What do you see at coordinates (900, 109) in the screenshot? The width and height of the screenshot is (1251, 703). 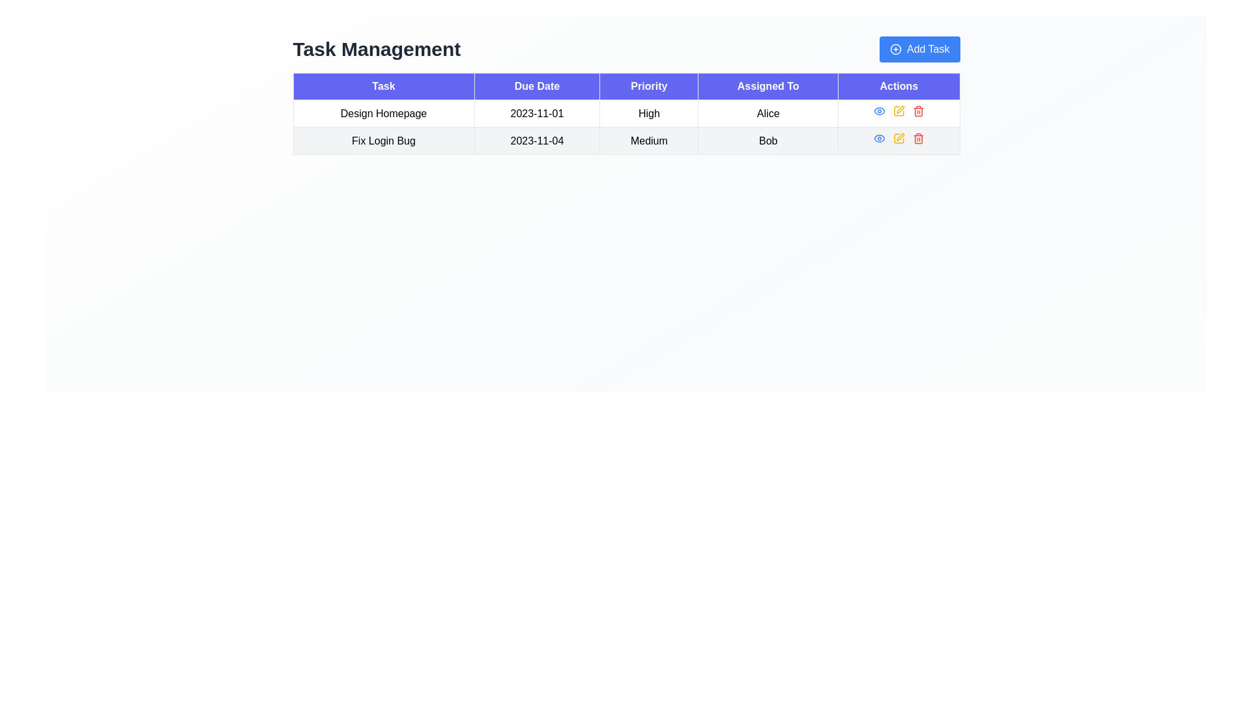 I see `the vector graphics icon, which is a stylized pen icon located` at bounding box center [900, 109].